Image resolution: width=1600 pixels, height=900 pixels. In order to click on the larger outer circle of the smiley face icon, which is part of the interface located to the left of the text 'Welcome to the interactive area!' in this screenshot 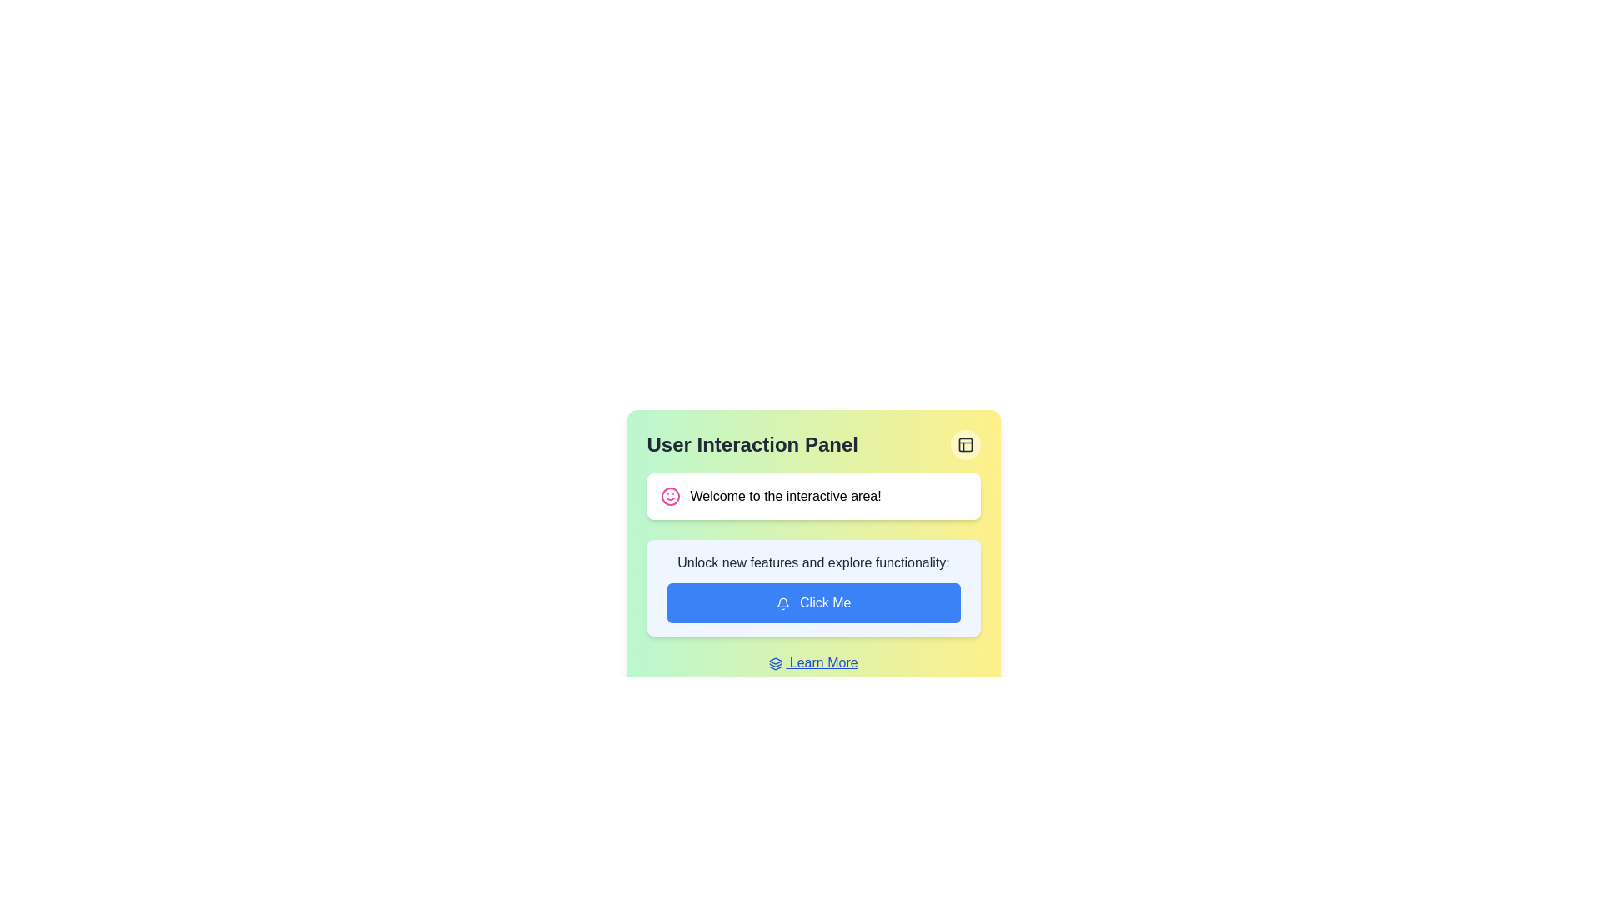, I will do `click(670, 496)`.